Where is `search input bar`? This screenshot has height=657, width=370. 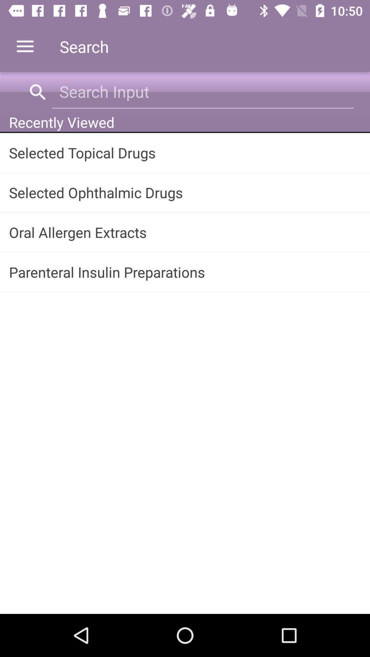 search input bar is located at coordinates (202, 91).